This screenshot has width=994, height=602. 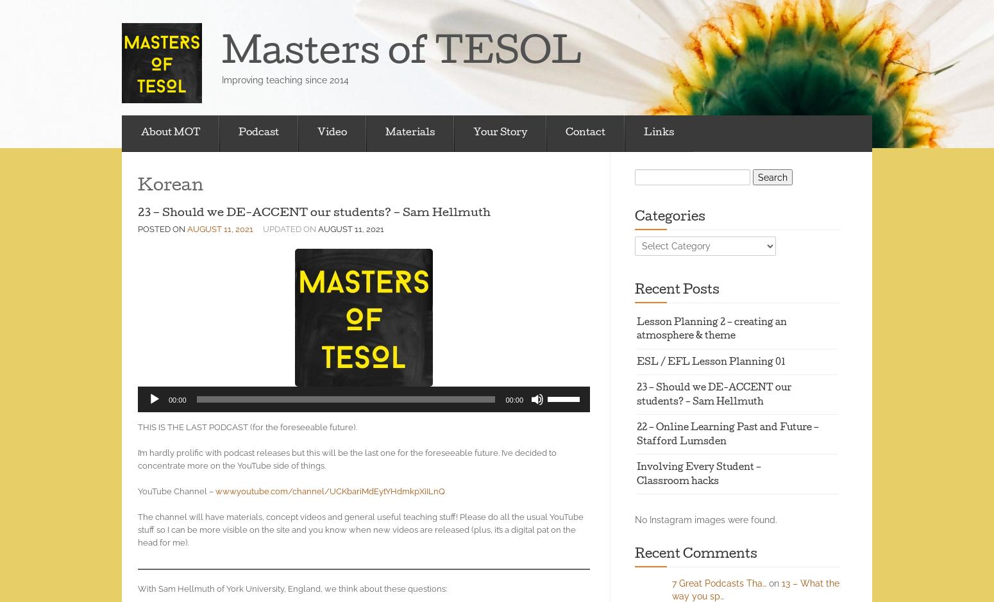 What do you see at coordinates (246, 427) in the screenshot?
I see `'THIS IS THE LAST PODCAST (for the foreseeable future).'` at bounding box center [246, 427].